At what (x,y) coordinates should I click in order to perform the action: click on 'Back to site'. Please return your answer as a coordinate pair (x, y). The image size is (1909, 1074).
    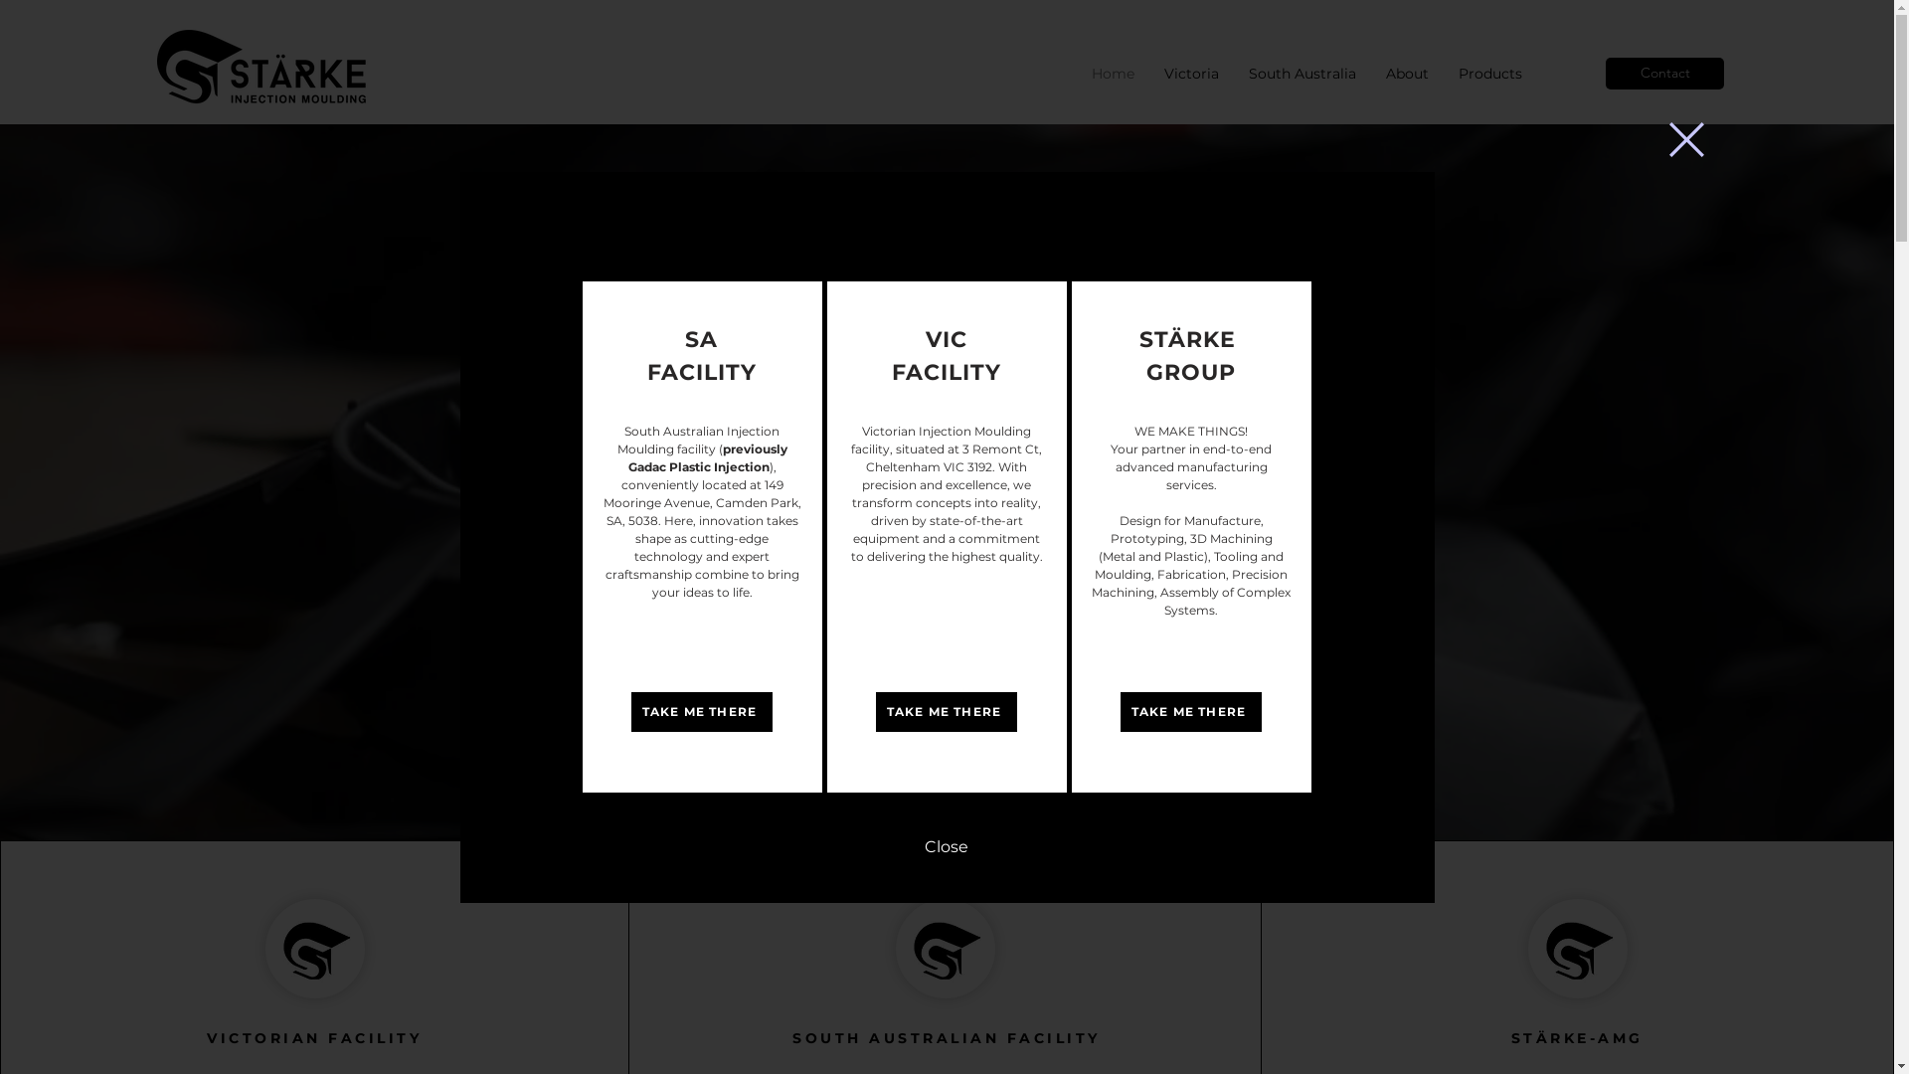
    Looking at the image, I should click on (1684, 138).